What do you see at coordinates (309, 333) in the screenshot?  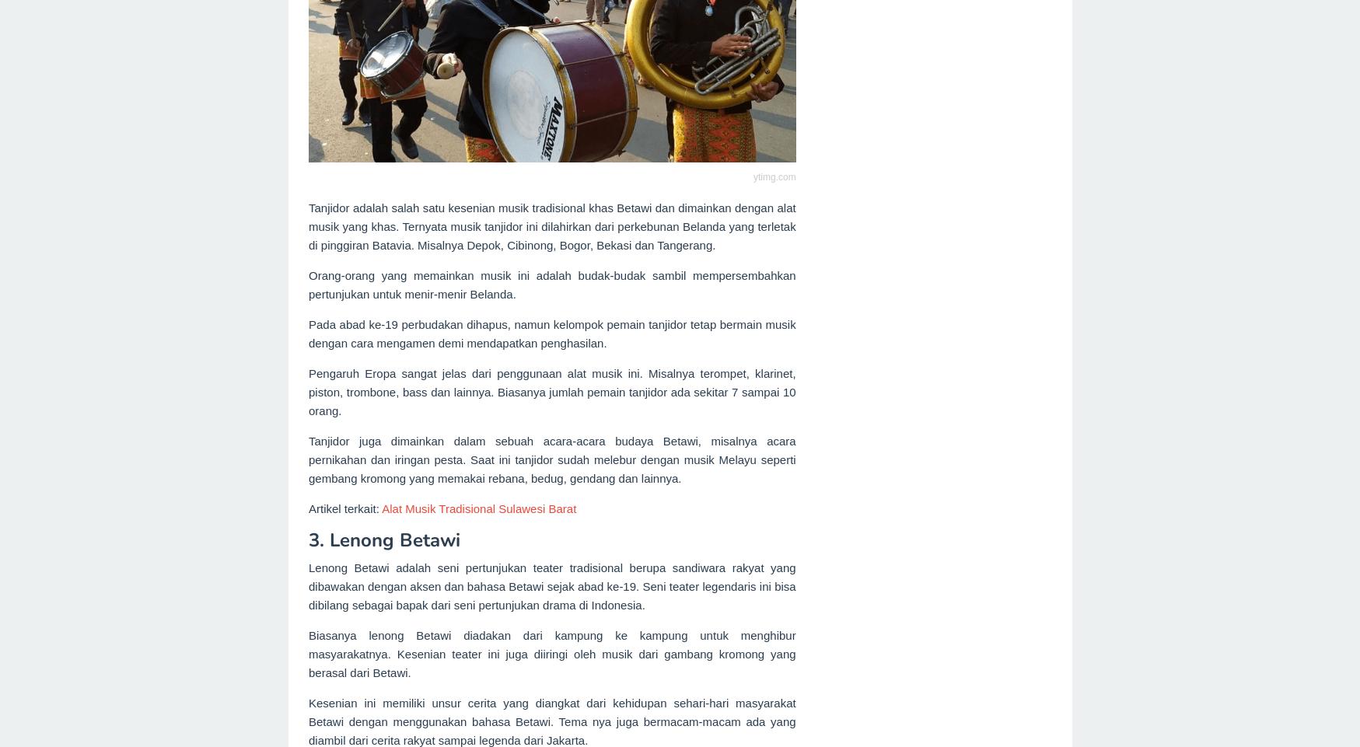 I see `'Pada abad ke-19 perbudakan dihapus, namun kelompok pemain tanjidor tetap bermain musik dengan cara mengamen demi mendapatkan penghasilan.'` at bounding box center [309, 333].